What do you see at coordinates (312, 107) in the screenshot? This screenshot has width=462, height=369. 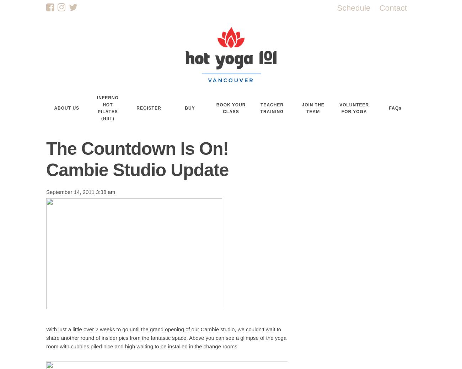 I see `'JOIN THE TEAM'` at bounding box center [312, 107].